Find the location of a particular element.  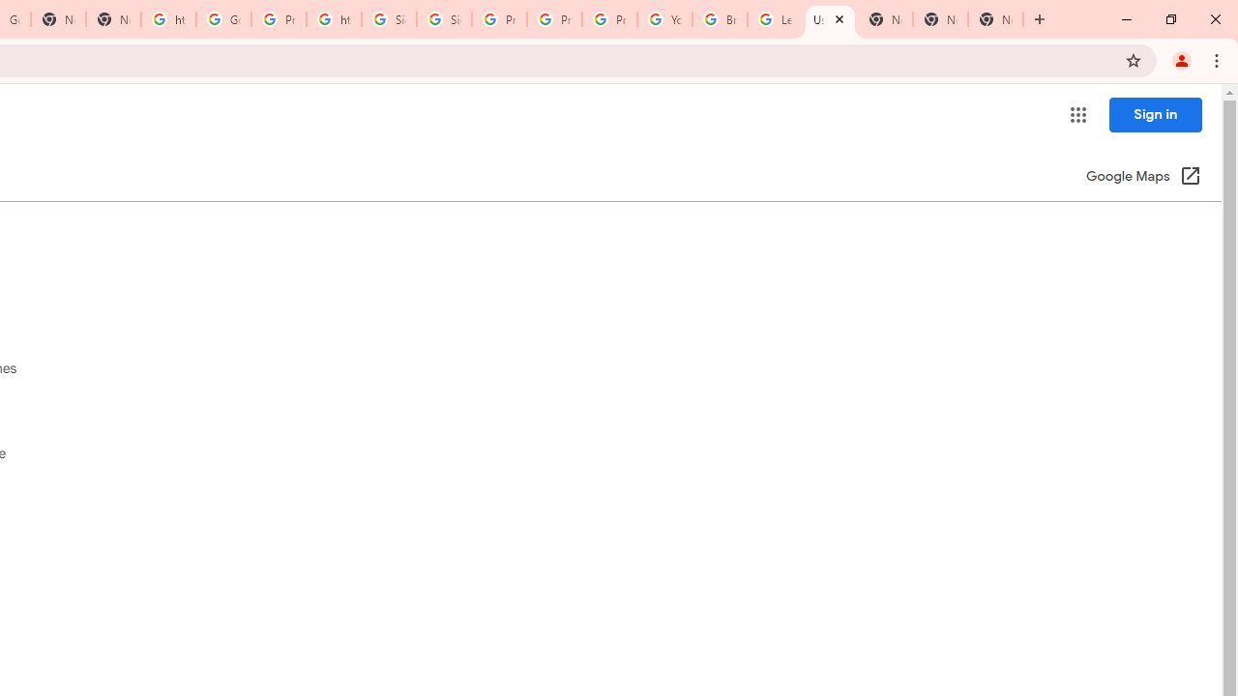

'Sign in - Google Accounts' is located at coordinates (388, 19).